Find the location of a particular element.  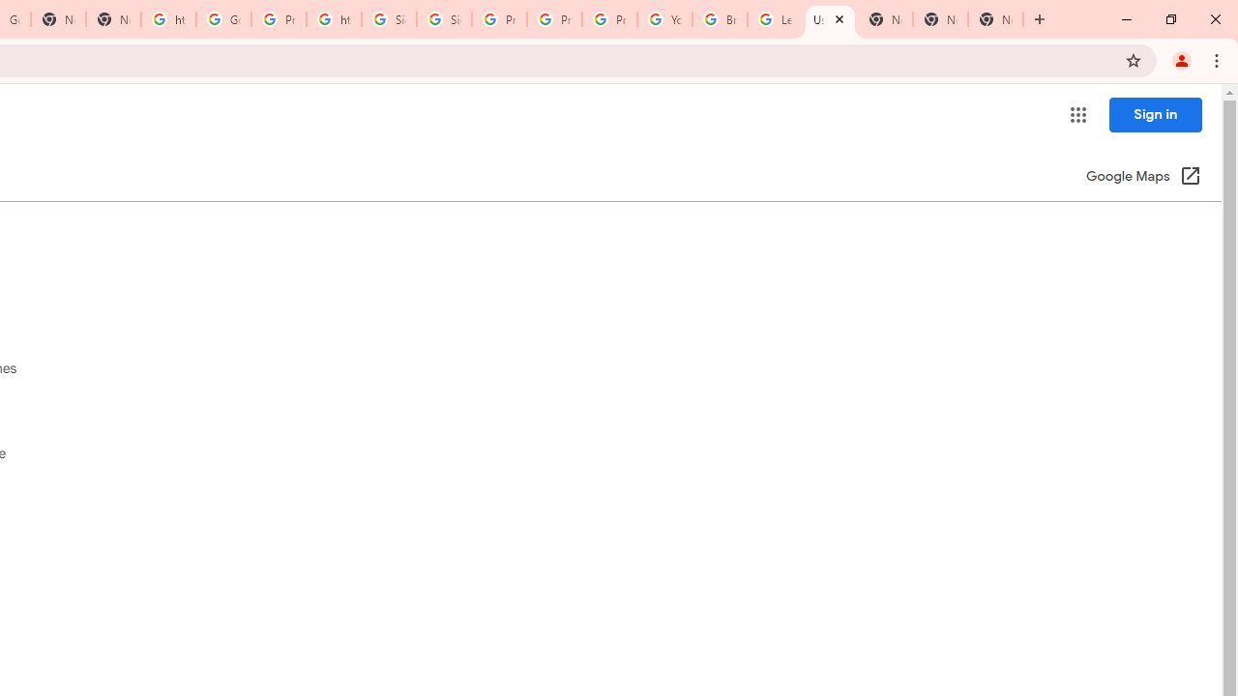

'Sign in - Google Accounts' is located at coordinates (388, 19).